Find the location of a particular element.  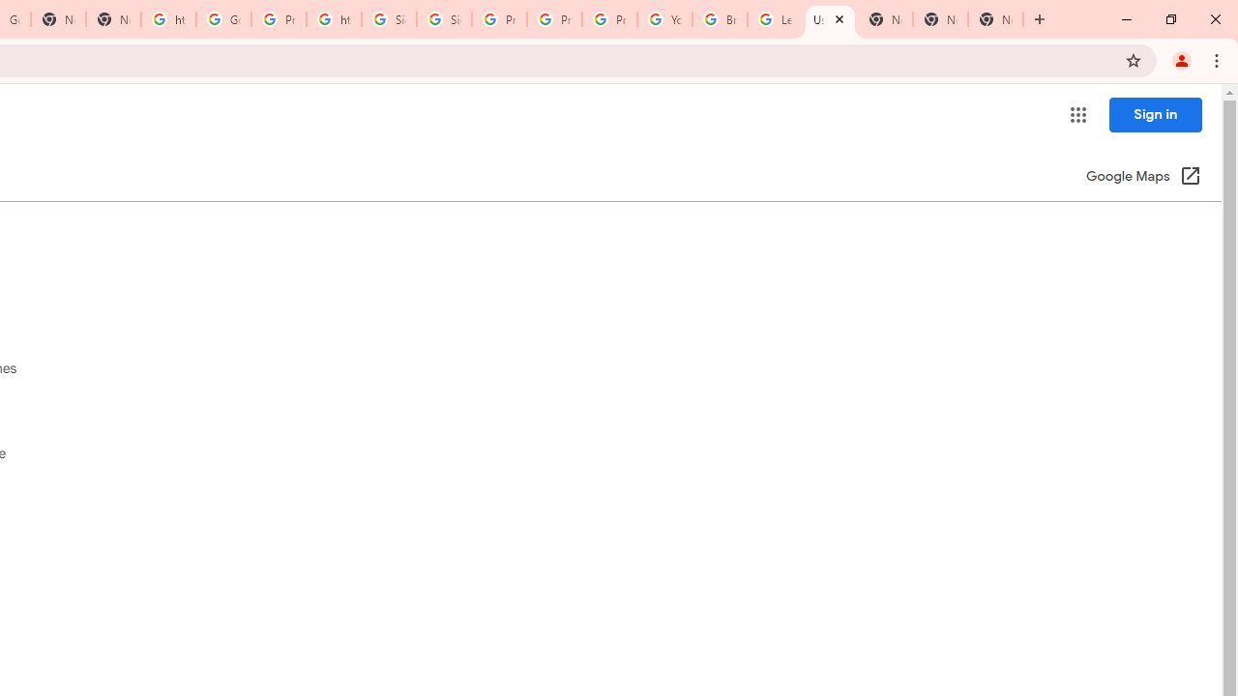

'Sign in - Google Accounts' is located at coordinates (388, 19).